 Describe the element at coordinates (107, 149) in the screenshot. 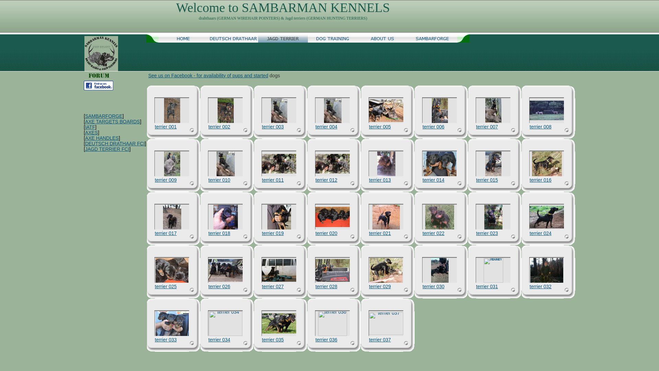

I see `'JAGD TERRIER FCI'` at that location.